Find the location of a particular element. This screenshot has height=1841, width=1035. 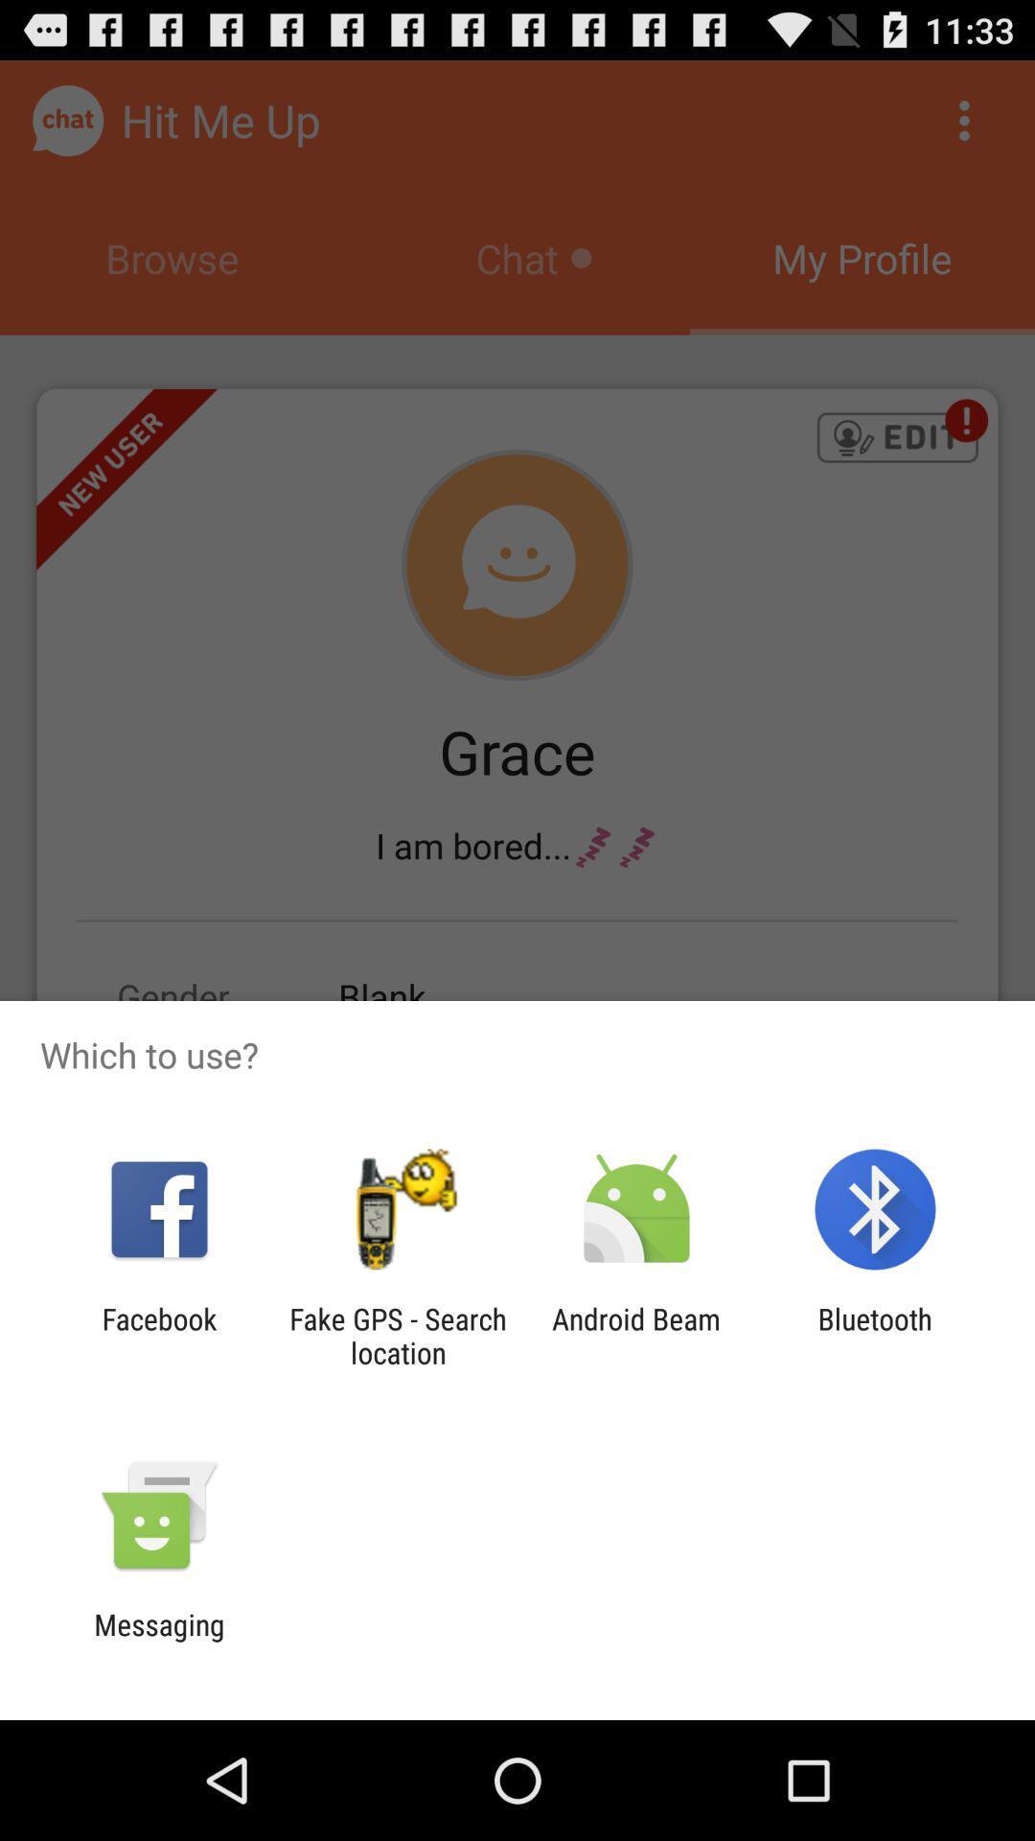

the app to the right of facebook app is located at coordinates (397, 1335).